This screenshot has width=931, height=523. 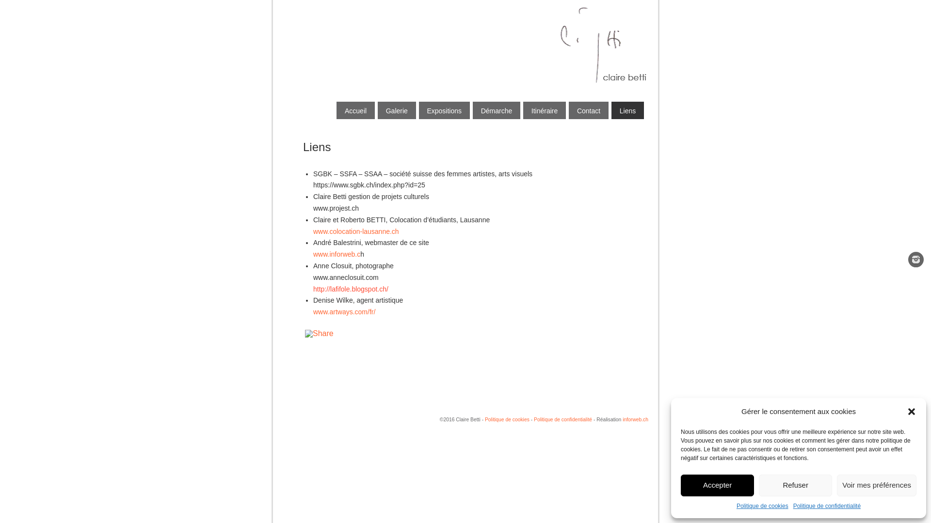 What do you see at coordinates (717, 485) in the screenshot?
I see `'Accepter'` at bounding box center [717, 485].